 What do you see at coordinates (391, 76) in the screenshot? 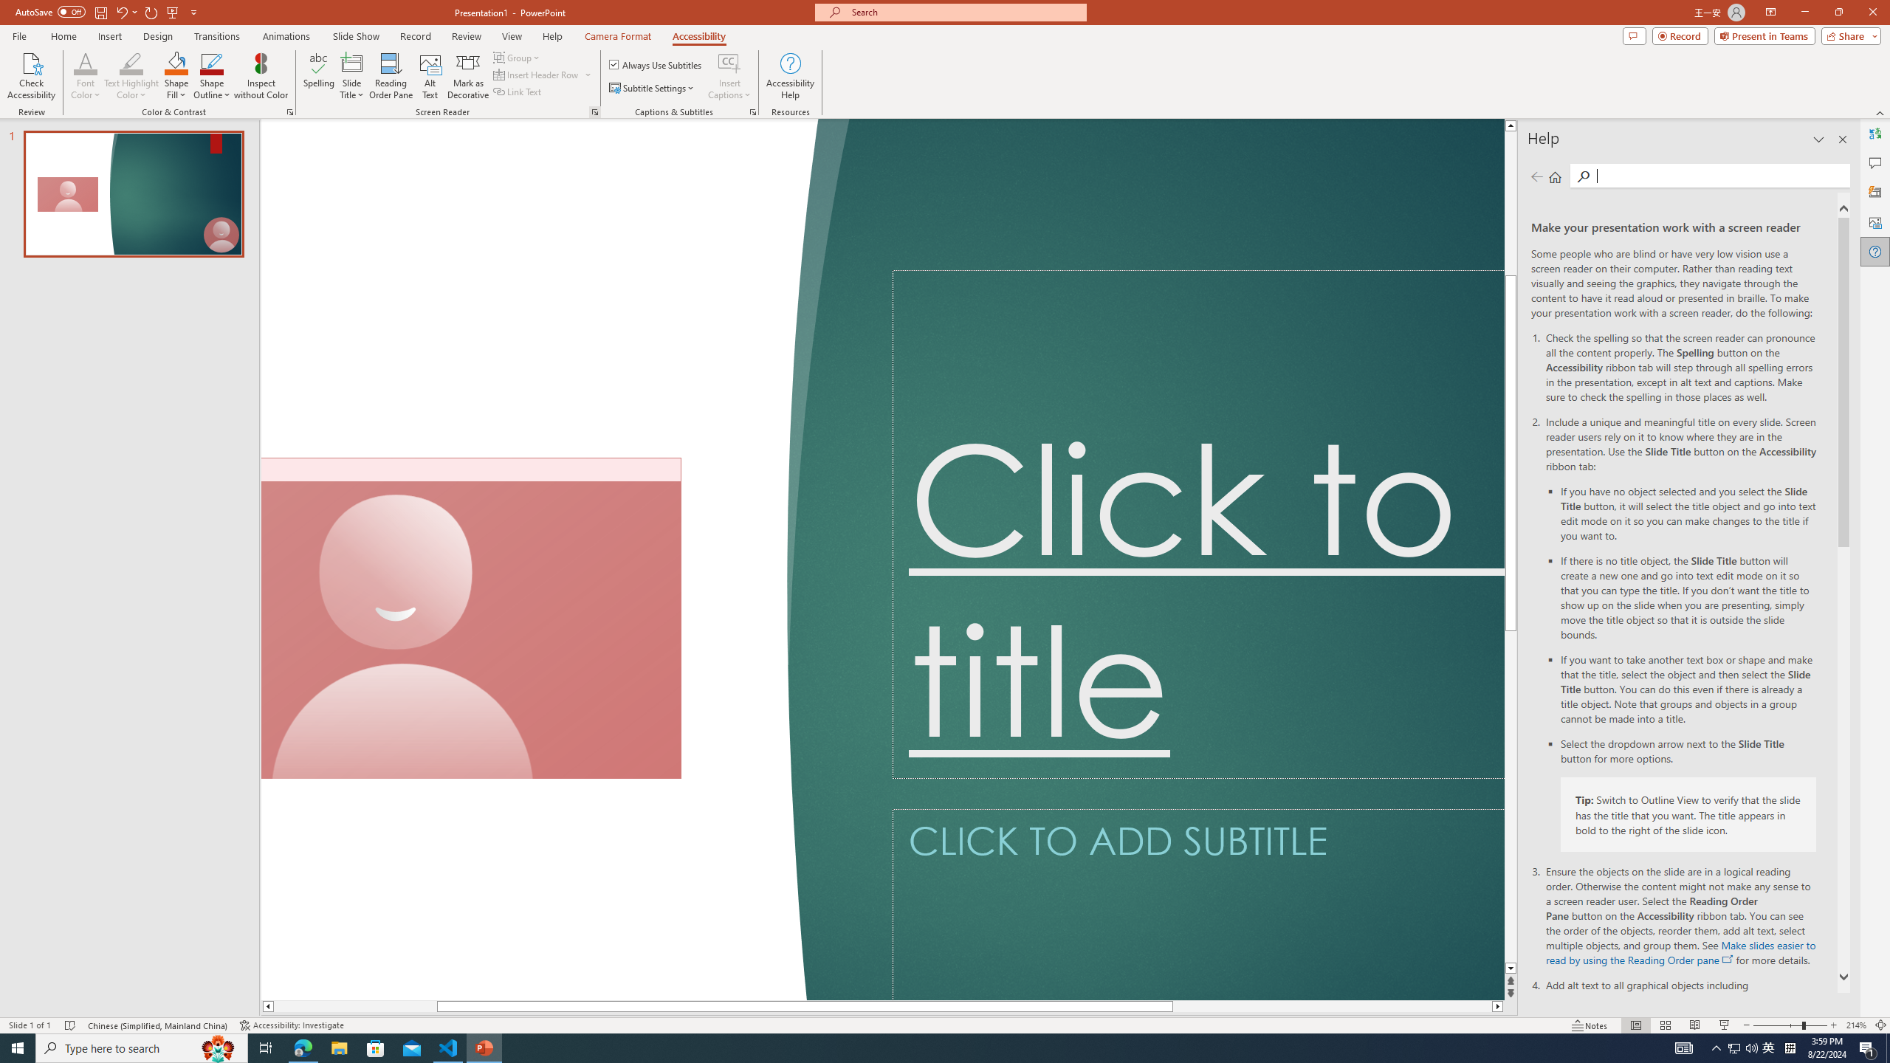
I see `'Reading Order Pane'` at bounding box center [391, 76].